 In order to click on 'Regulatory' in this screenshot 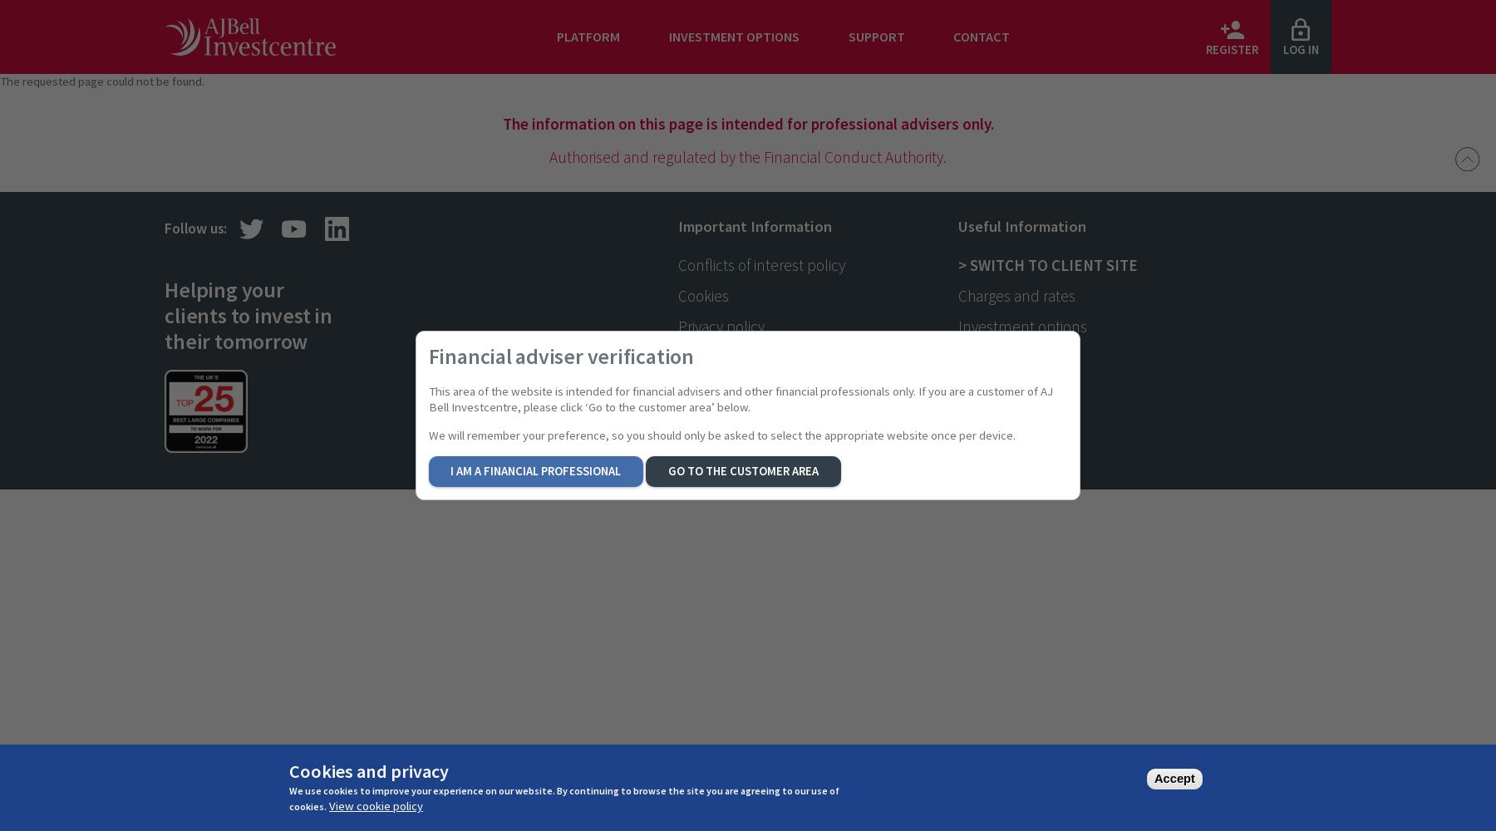, I will do `click(677, 356)`.